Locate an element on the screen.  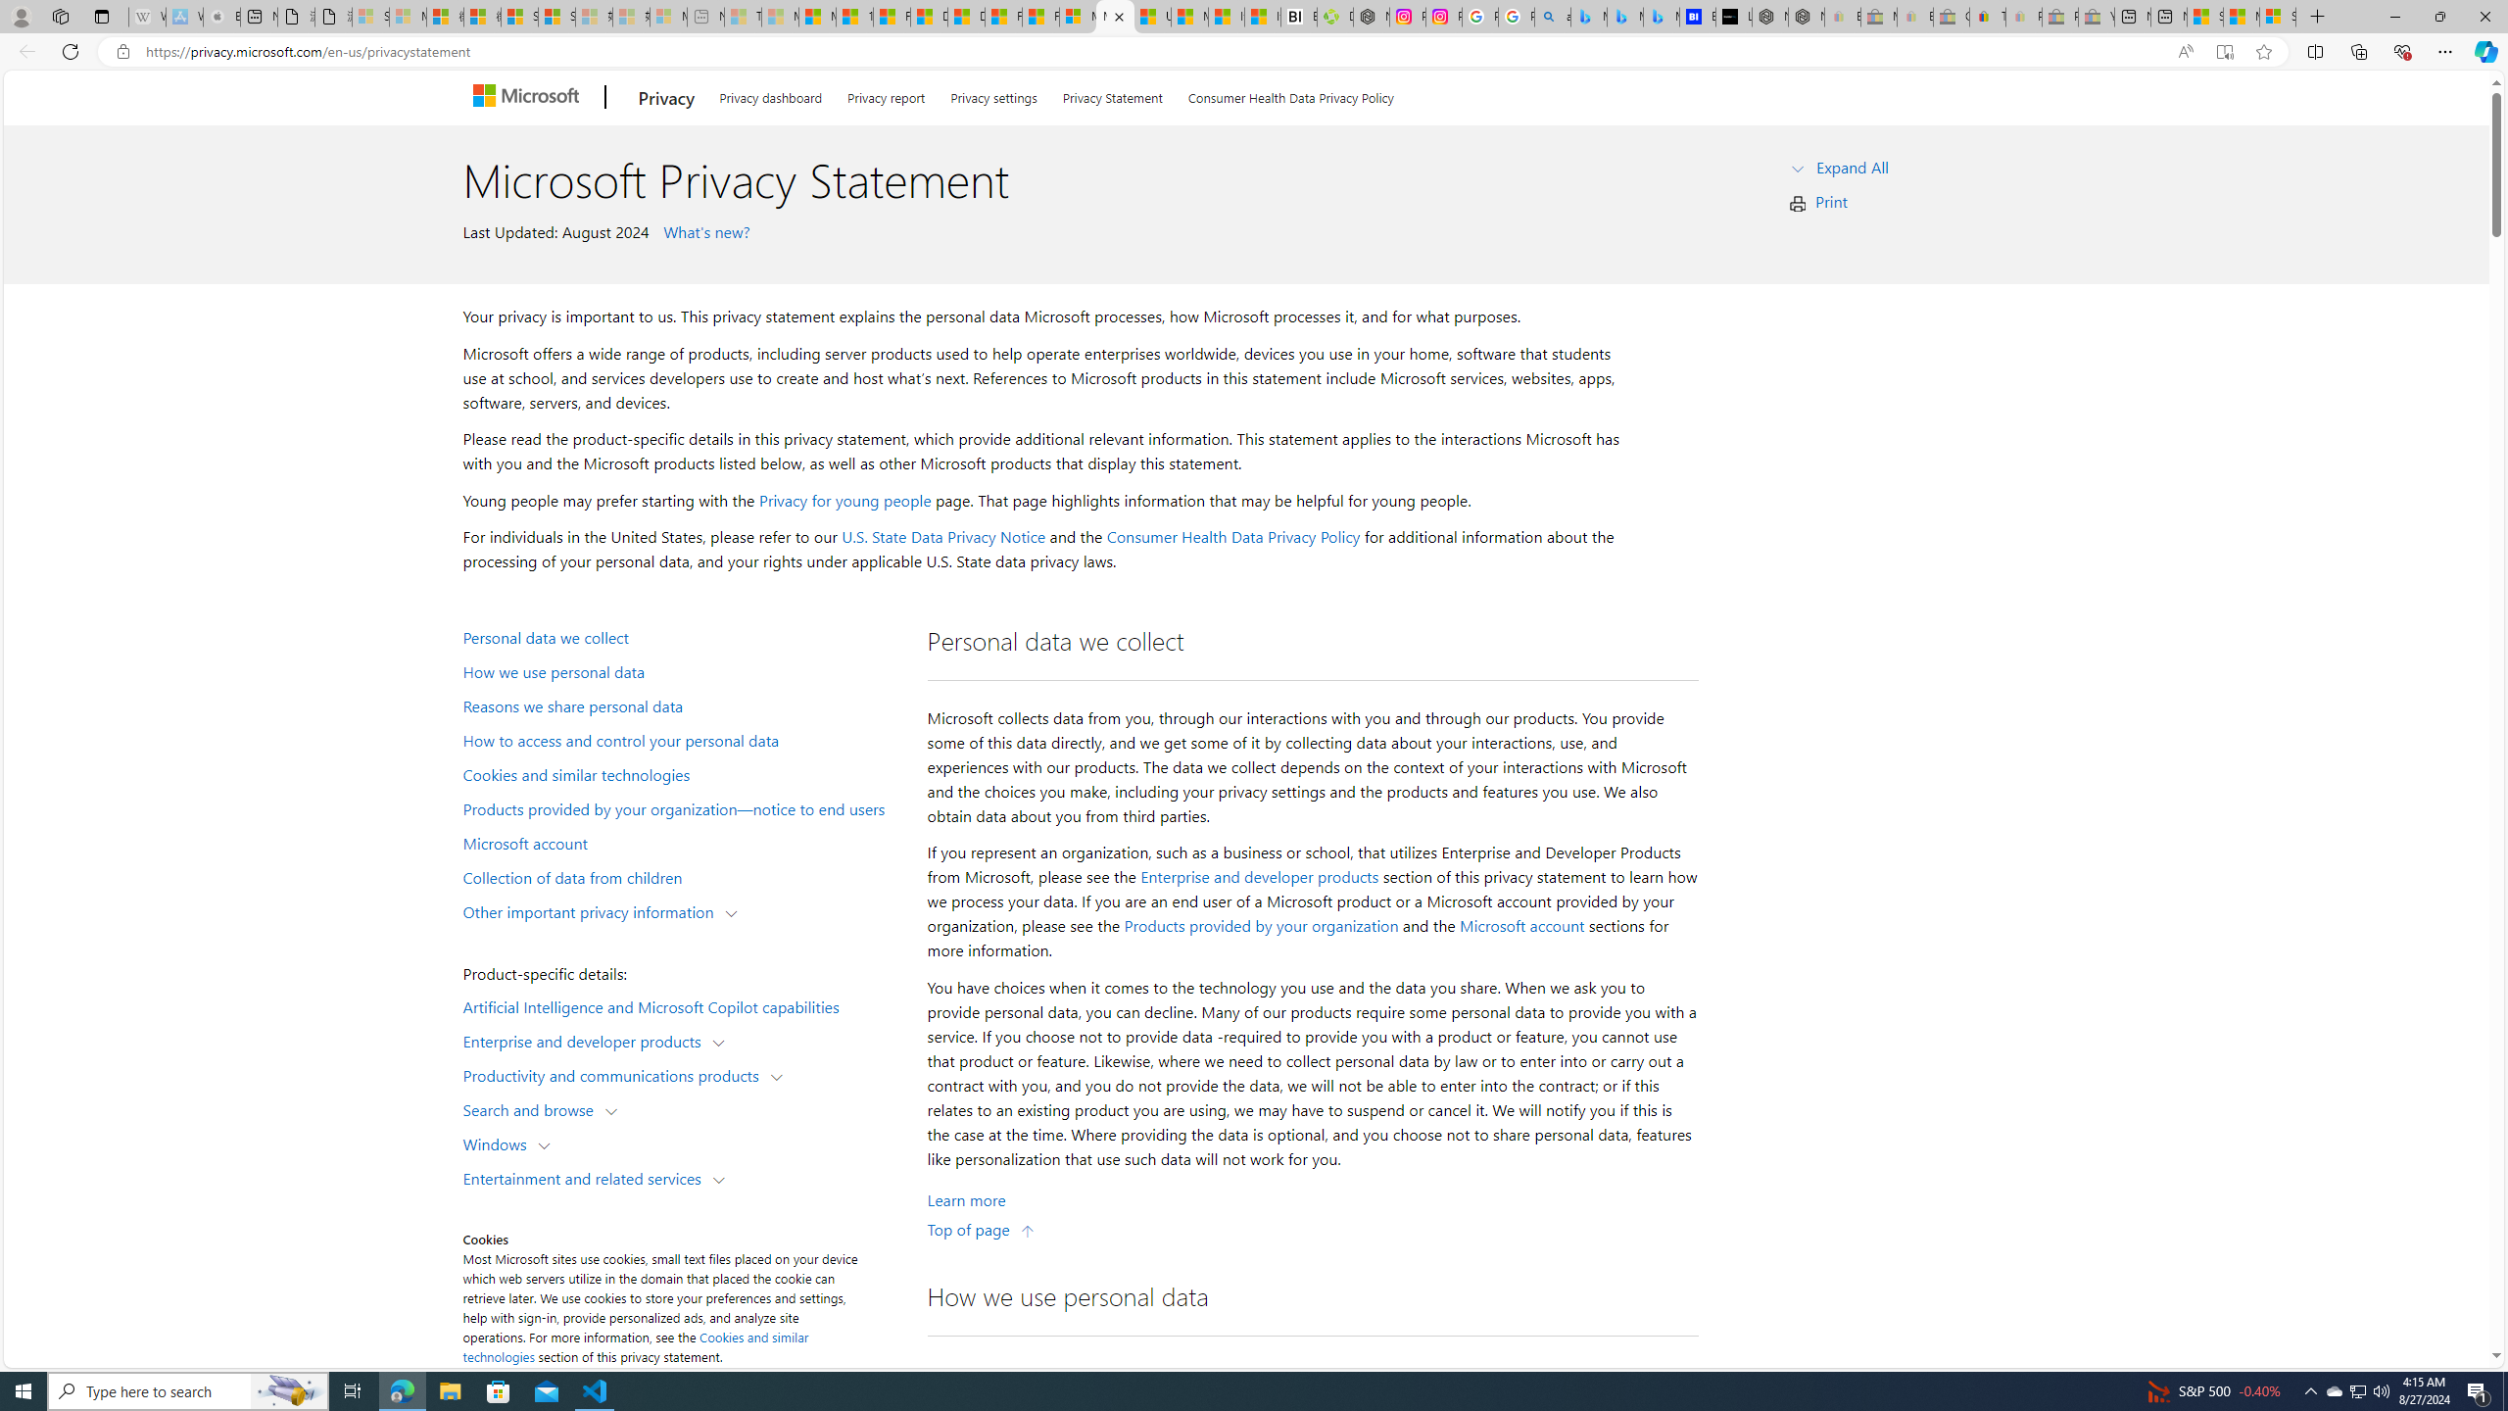
'Microsoft' is located at coordinates (528, 97).